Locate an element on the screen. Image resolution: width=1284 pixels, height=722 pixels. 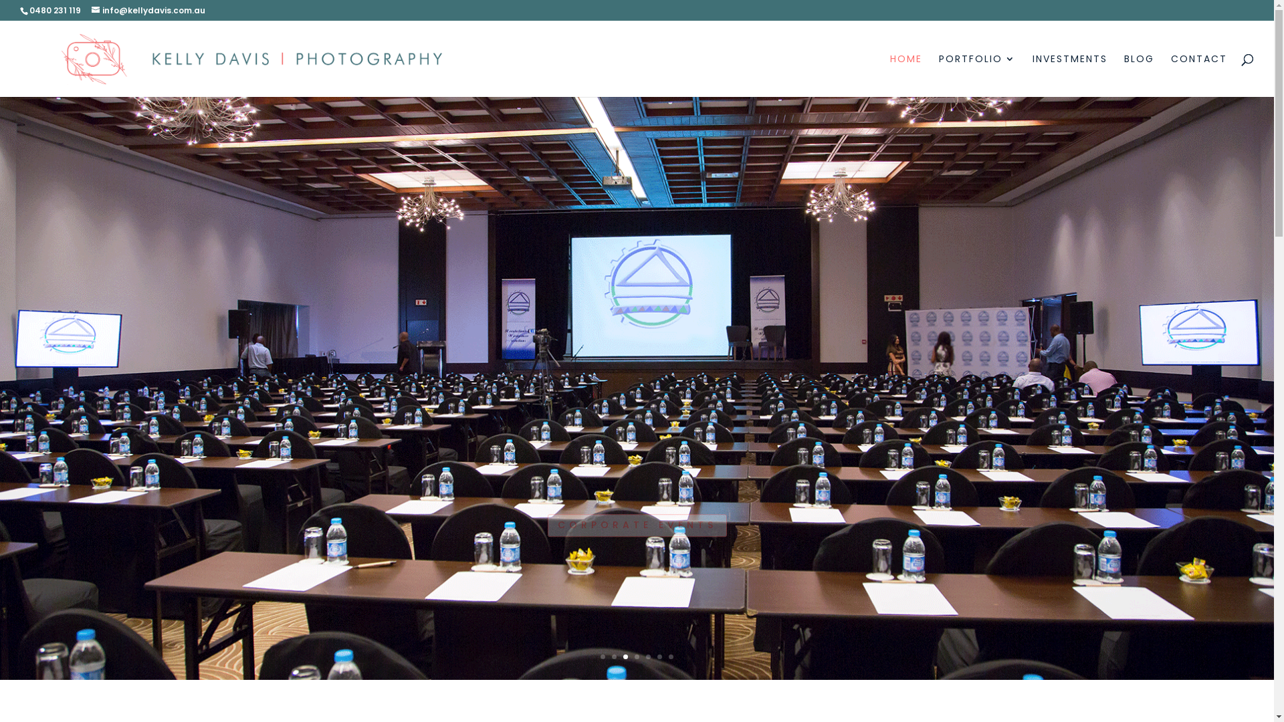
'6' is located at coordinates (659, 656).